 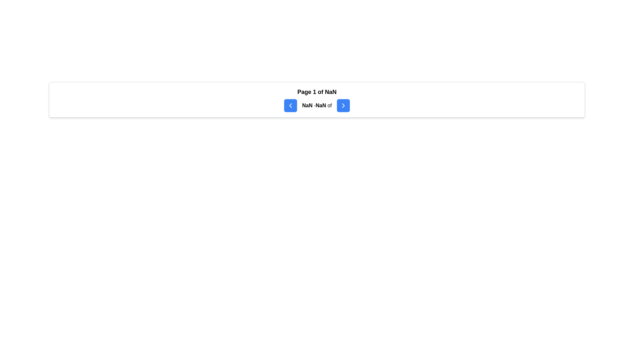 What do you see at coordinates (343, 105) in the screenshot?
I see `the blue circular button with a chevron icon on the far right of the pagination control section` at bounding box center [343, 105].